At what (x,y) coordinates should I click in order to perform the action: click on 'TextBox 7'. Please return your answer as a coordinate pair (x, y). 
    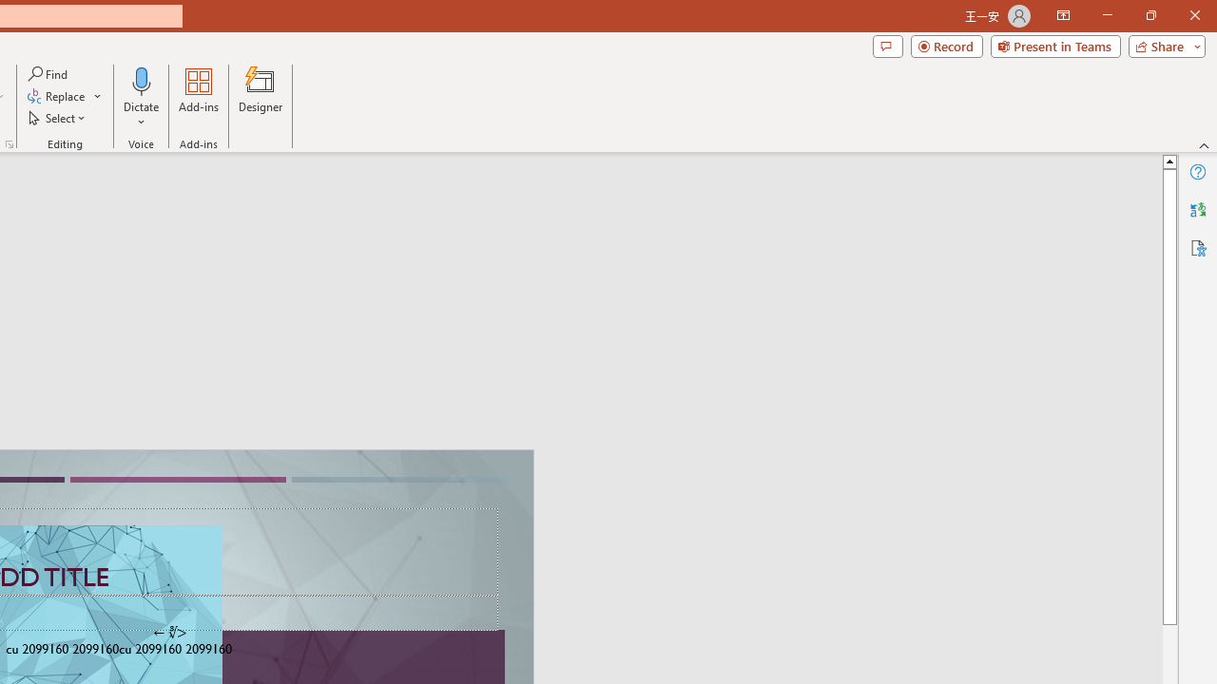
    Looking at the image, I should click on (170, 633).